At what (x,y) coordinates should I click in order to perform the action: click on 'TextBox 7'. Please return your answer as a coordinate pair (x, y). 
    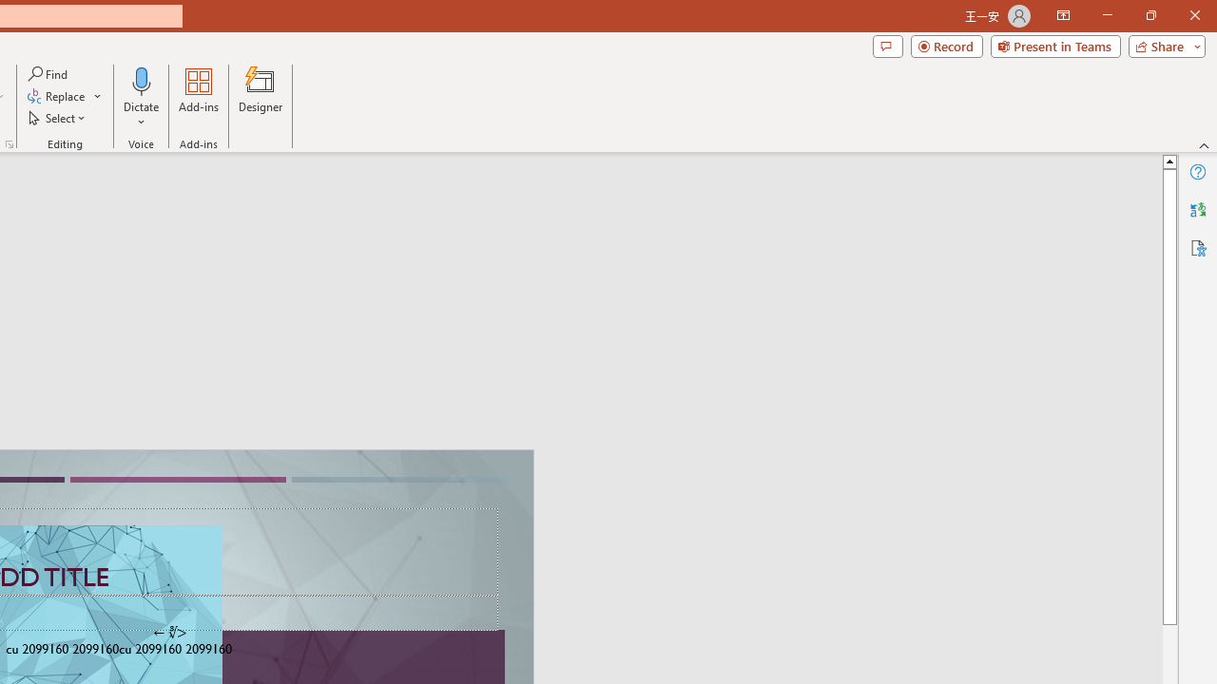
    Looking at the image, I should click on (170, 633).